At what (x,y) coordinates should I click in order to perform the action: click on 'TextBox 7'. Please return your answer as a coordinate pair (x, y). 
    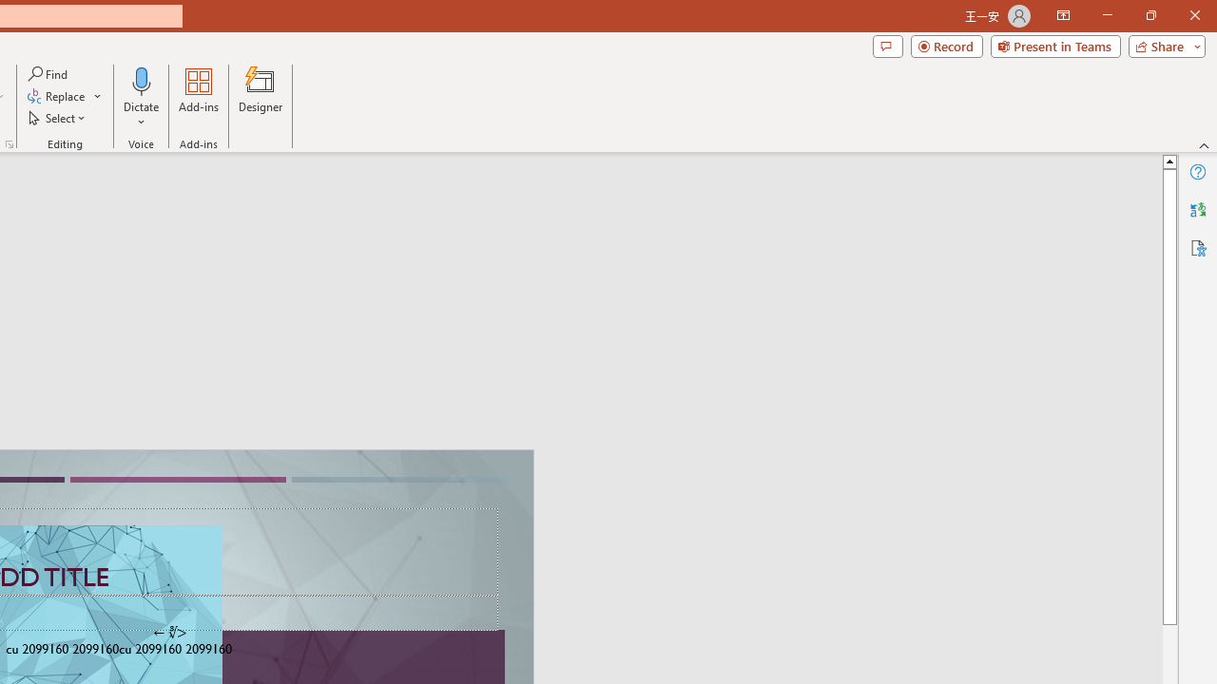
    Looking at the image, I should click on (170, 633).